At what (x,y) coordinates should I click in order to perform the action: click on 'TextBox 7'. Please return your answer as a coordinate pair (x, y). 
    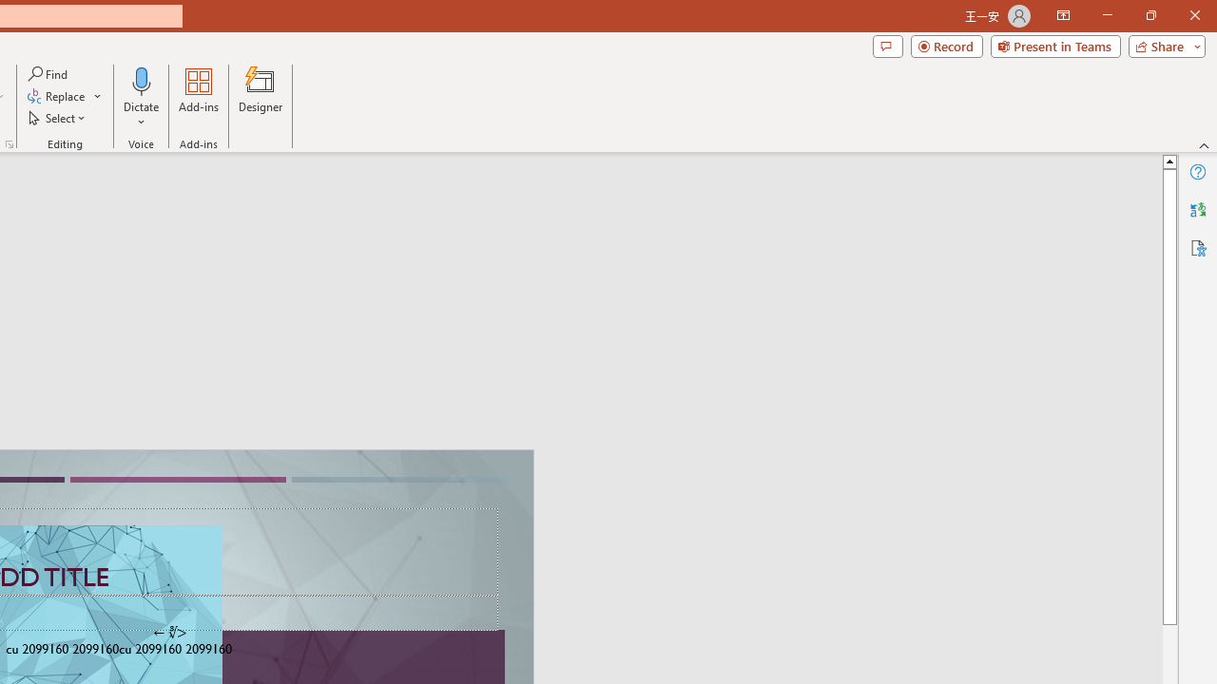
    Looking at the image, I should click on (170, 633).